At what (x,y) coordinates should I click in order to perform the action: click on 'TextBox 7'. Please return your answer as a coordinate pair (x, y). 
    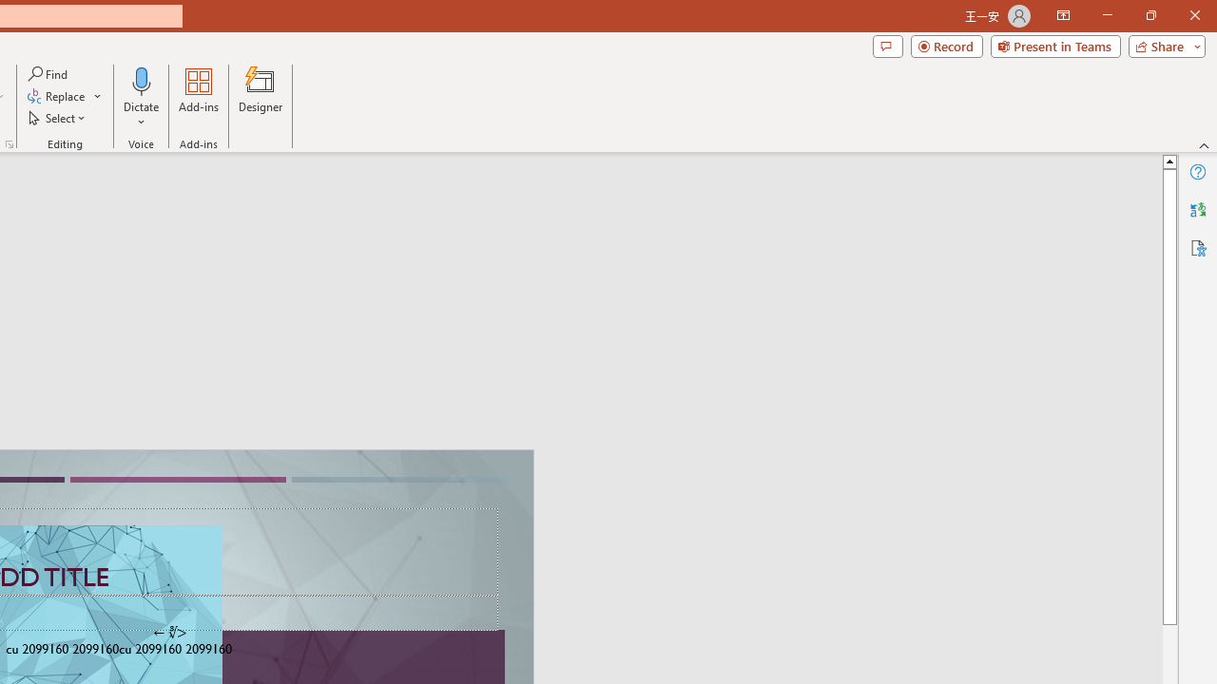
    Looking at the image, I should click on (170, 633).